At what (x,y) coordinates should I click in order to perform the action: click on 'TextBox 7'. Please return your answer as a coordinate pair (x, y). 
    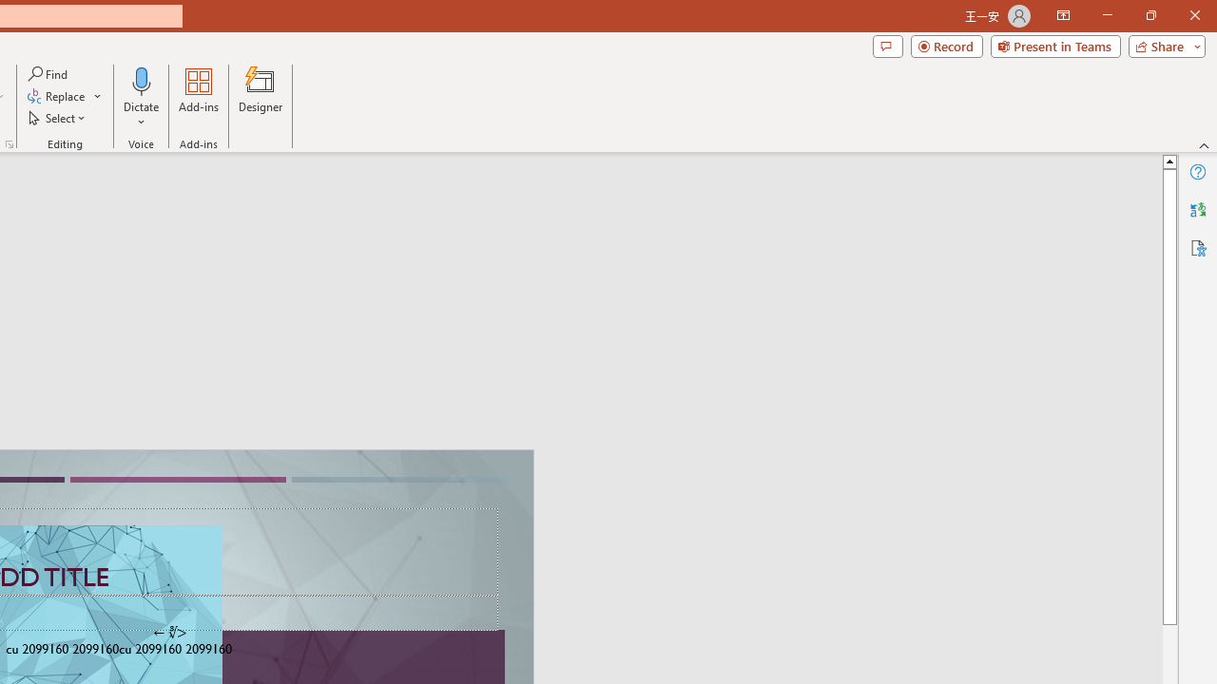
    Looking at the image, I should click on (170, 633).